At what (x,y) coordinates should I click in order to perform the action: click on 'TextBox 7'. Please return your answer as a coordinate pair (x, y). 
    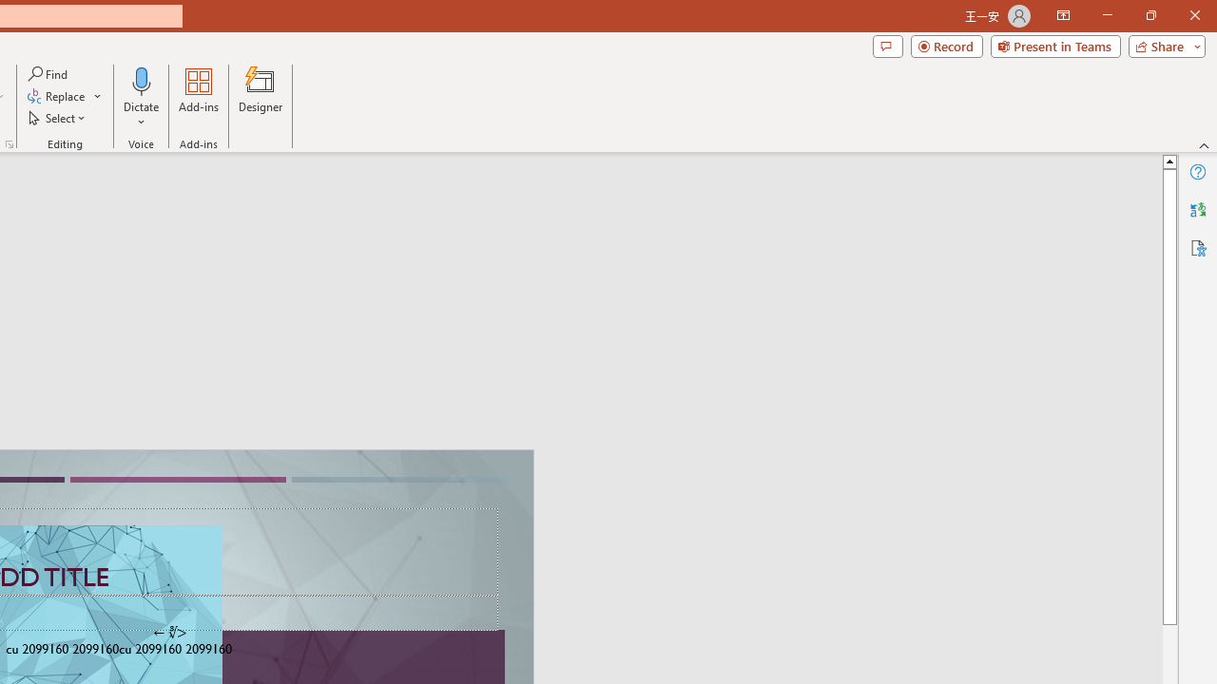
    Looking at the image, I should click on (170, 633).